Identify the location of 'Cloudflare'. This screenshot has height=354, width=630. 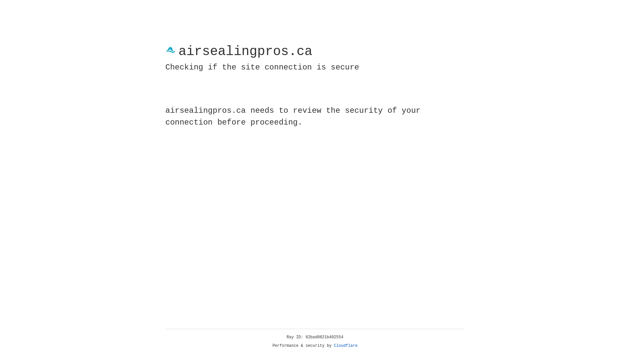
(346, 345).